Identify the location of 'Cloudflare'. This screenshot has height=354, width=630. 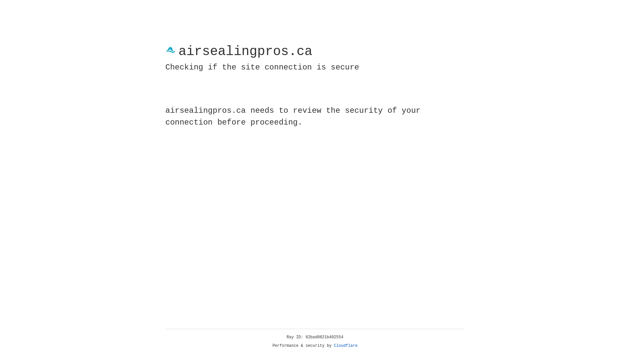
(346, 345).